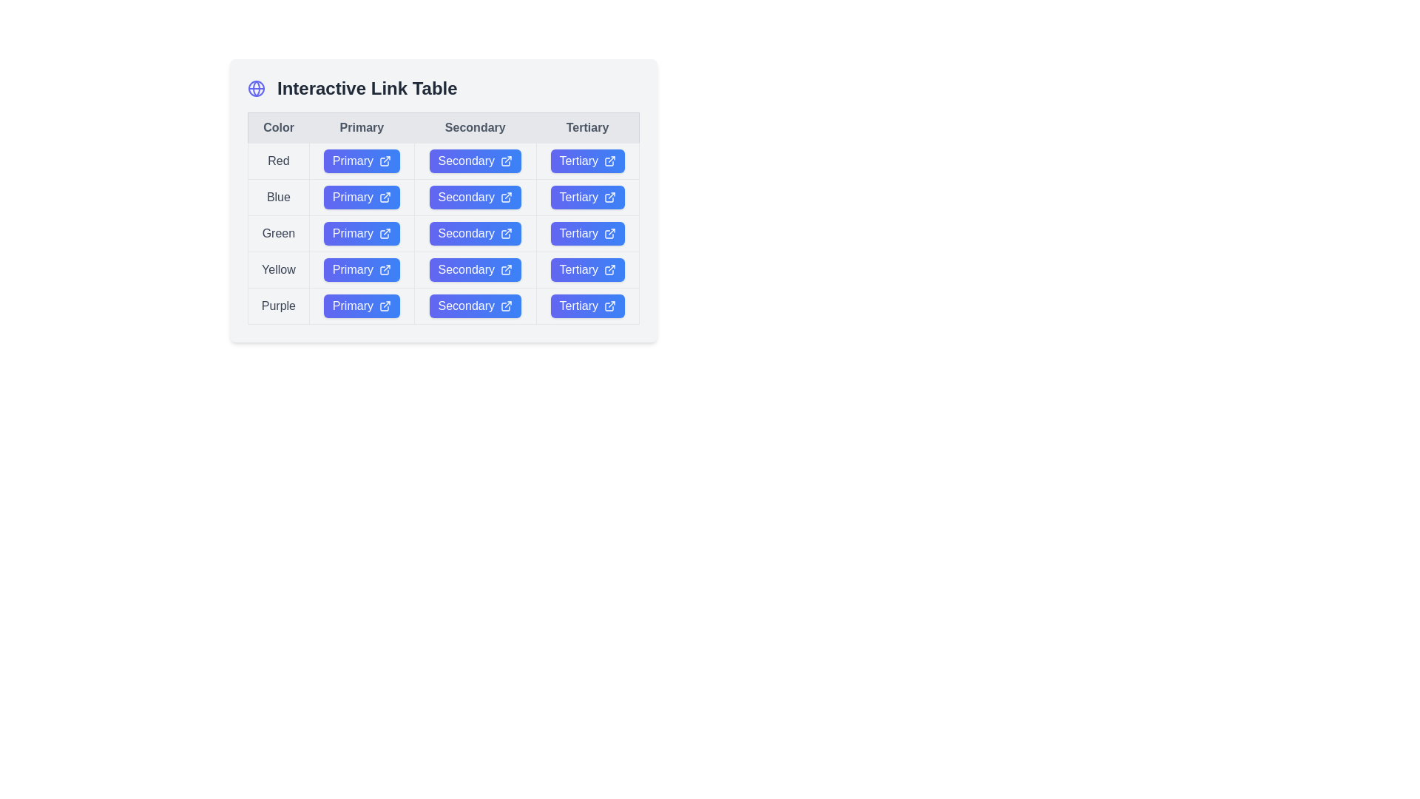  What do you see at coordinates (362, 127) in the screenshot?
I see `the 'Primary' text label header, which is the second heading in a row of four, styled with a gray background and bold font` at bounding box center [362, 127].